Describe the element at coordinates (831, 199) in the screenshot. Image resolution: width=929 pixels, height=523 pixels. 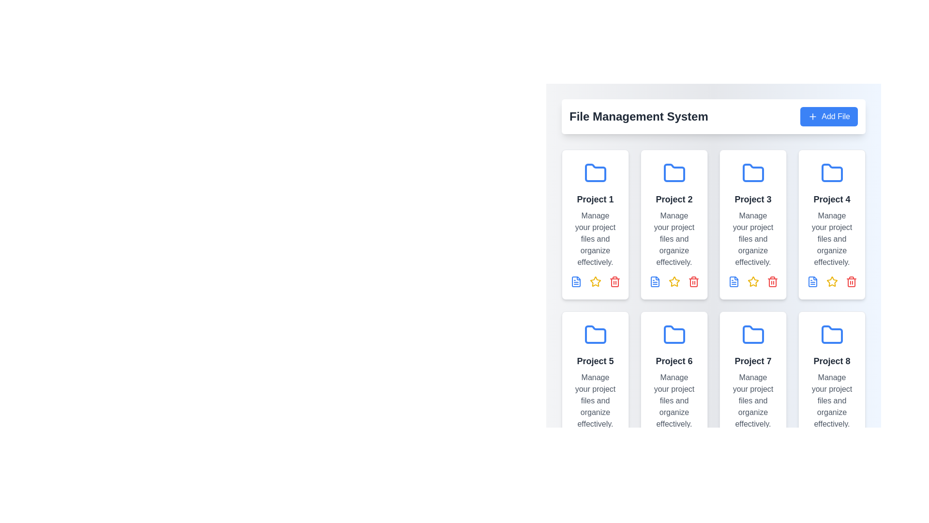
I see `the text label that reads 'Project 4', which is styled in bold, larger font with a dark gray color, located in the fourth card of the grid layout under a blue folder icon` at that location.